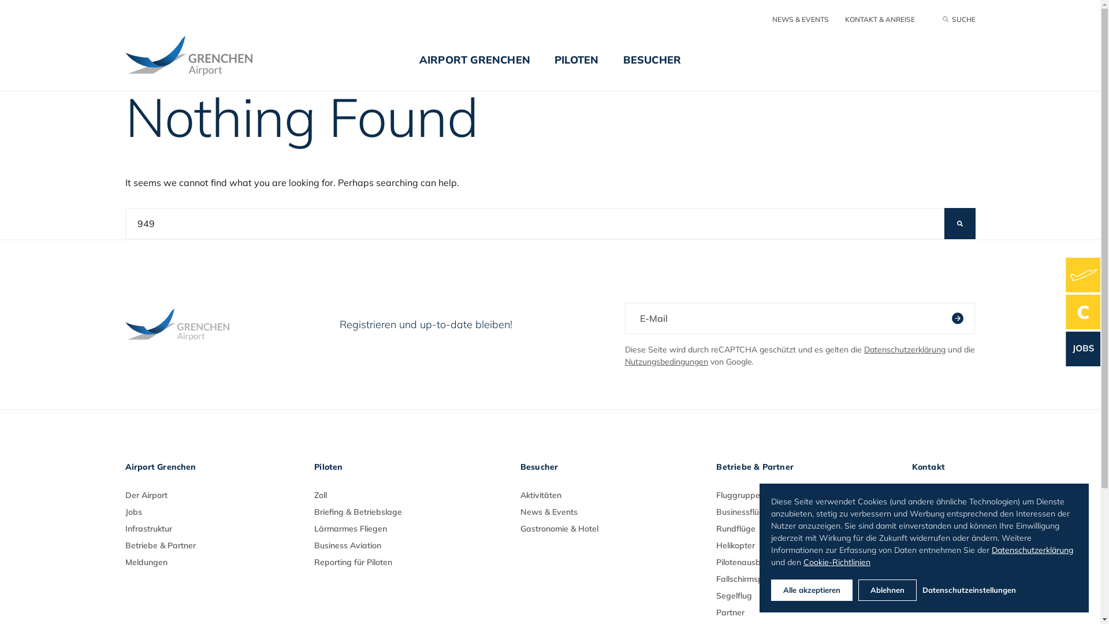  I want to click on 'Datenschutzeinstellungen', so click(922, 590).